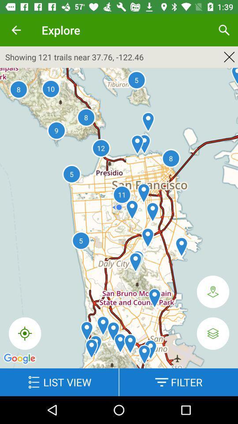 The height and width of the screenshot is (424, 238). Describe the element at coordinates (229, 57) in the screenshot. I see `the close icon` at that location.